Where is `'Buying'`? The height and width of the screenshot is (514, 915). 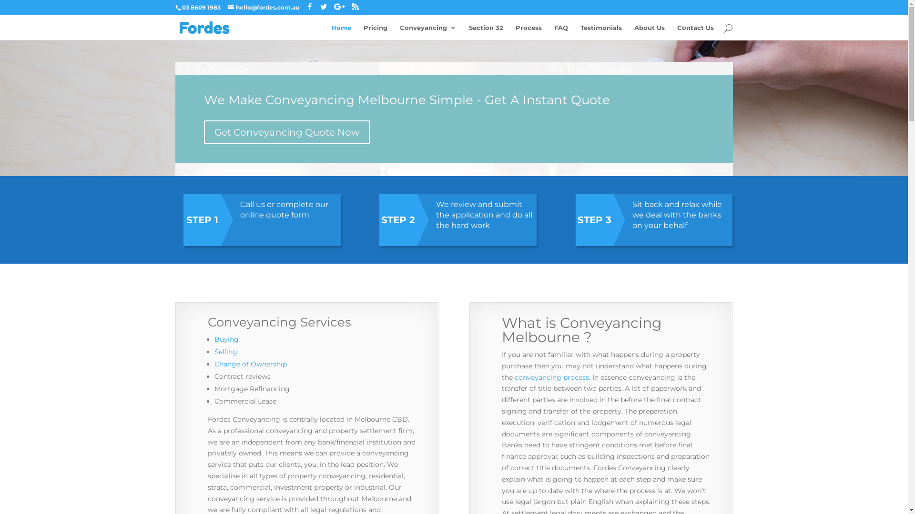
'Buying' is located at coordinates (226, 339).